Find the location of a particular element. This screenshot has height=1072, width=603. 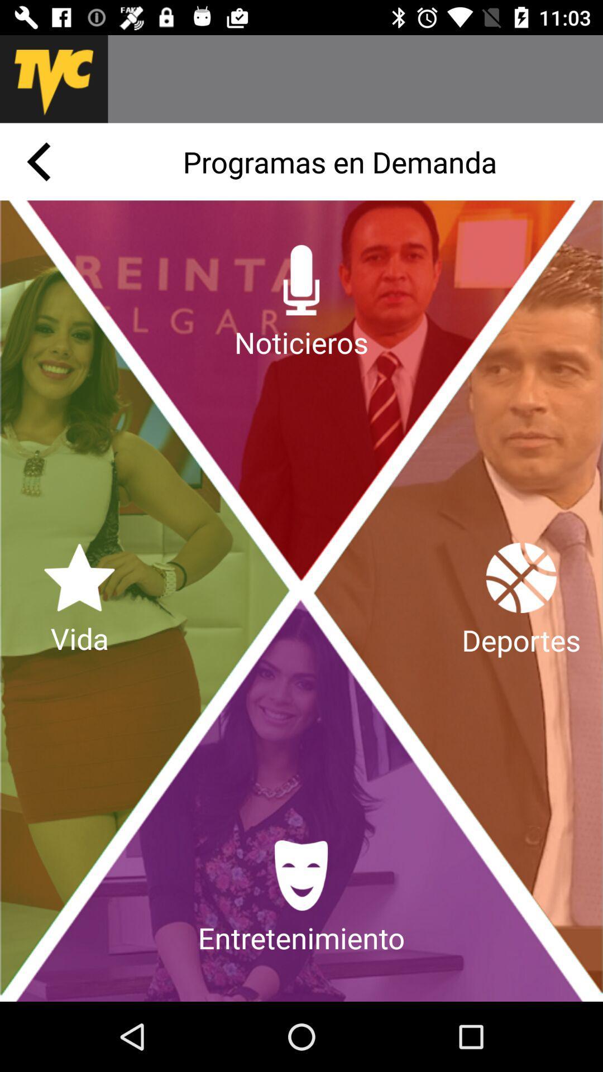

the entretenimiento icon is located at coordinates (301, 898).